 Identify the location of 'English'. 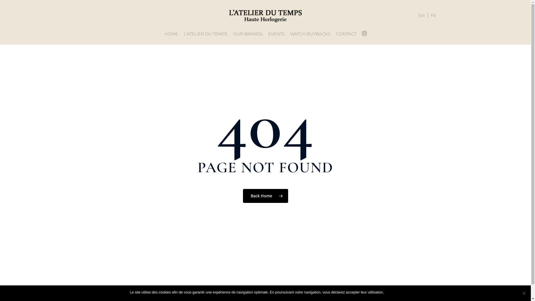
(422, 15).